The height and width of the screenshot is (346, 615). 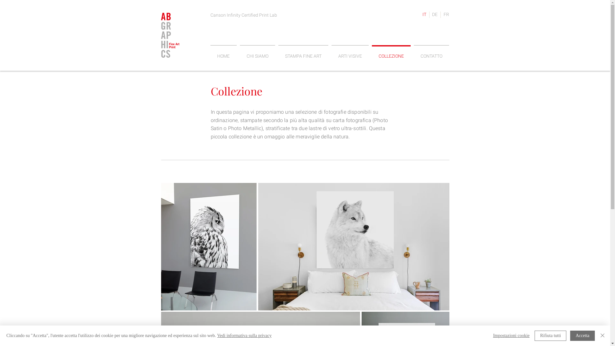 I want to click on 'Vedi informativa sulla privacy', so click(x=244, y=335).